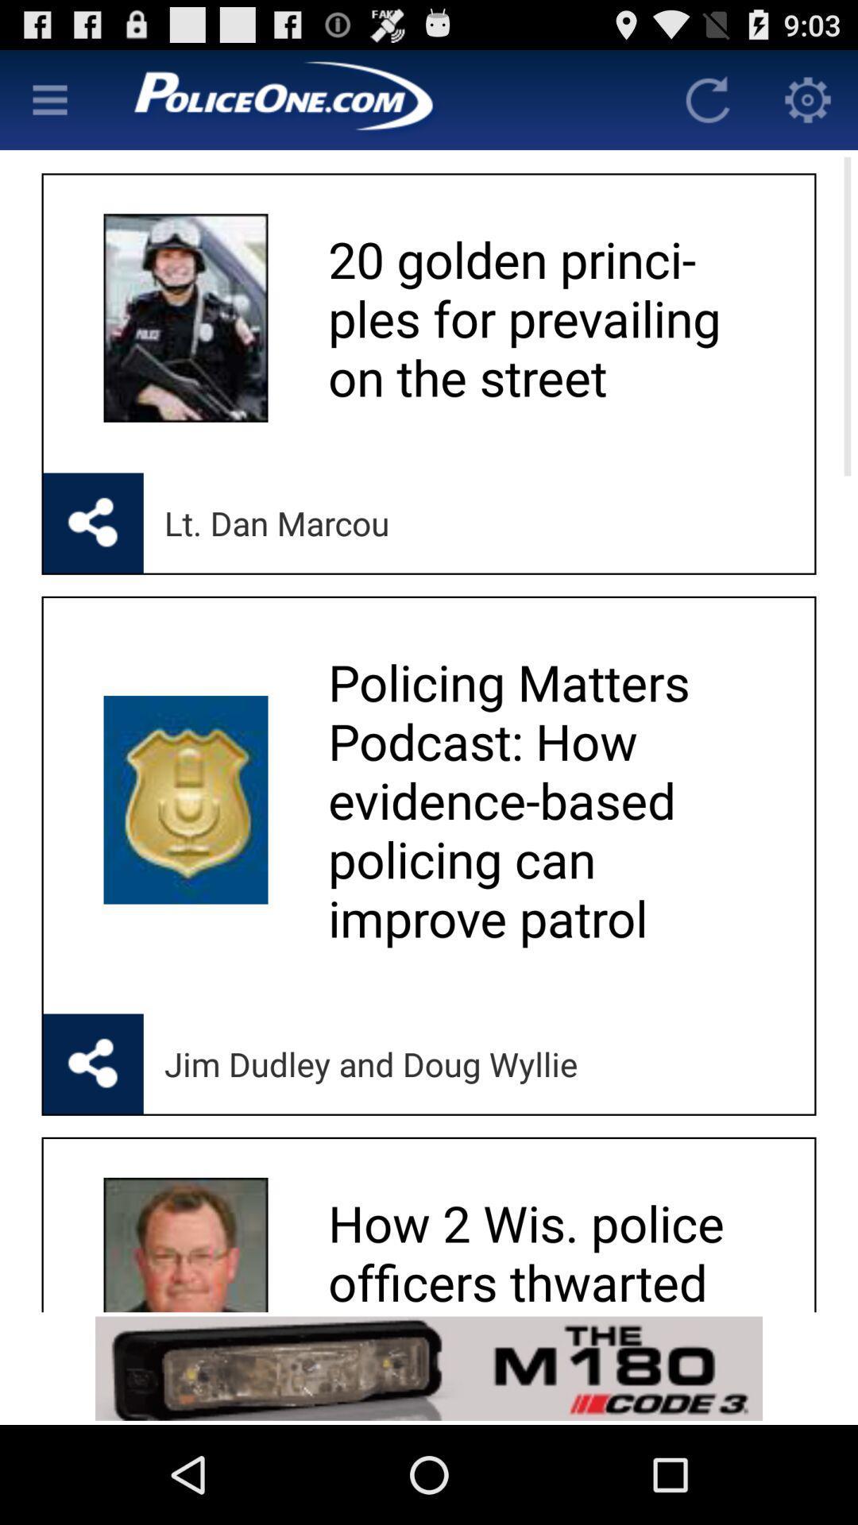 Image resolution: width=858 pixels, height=1525 pixels. What do you see at coordinates (808, 106) in the screenshot?
I see `the settings icon` at bounding box center [808, 106].